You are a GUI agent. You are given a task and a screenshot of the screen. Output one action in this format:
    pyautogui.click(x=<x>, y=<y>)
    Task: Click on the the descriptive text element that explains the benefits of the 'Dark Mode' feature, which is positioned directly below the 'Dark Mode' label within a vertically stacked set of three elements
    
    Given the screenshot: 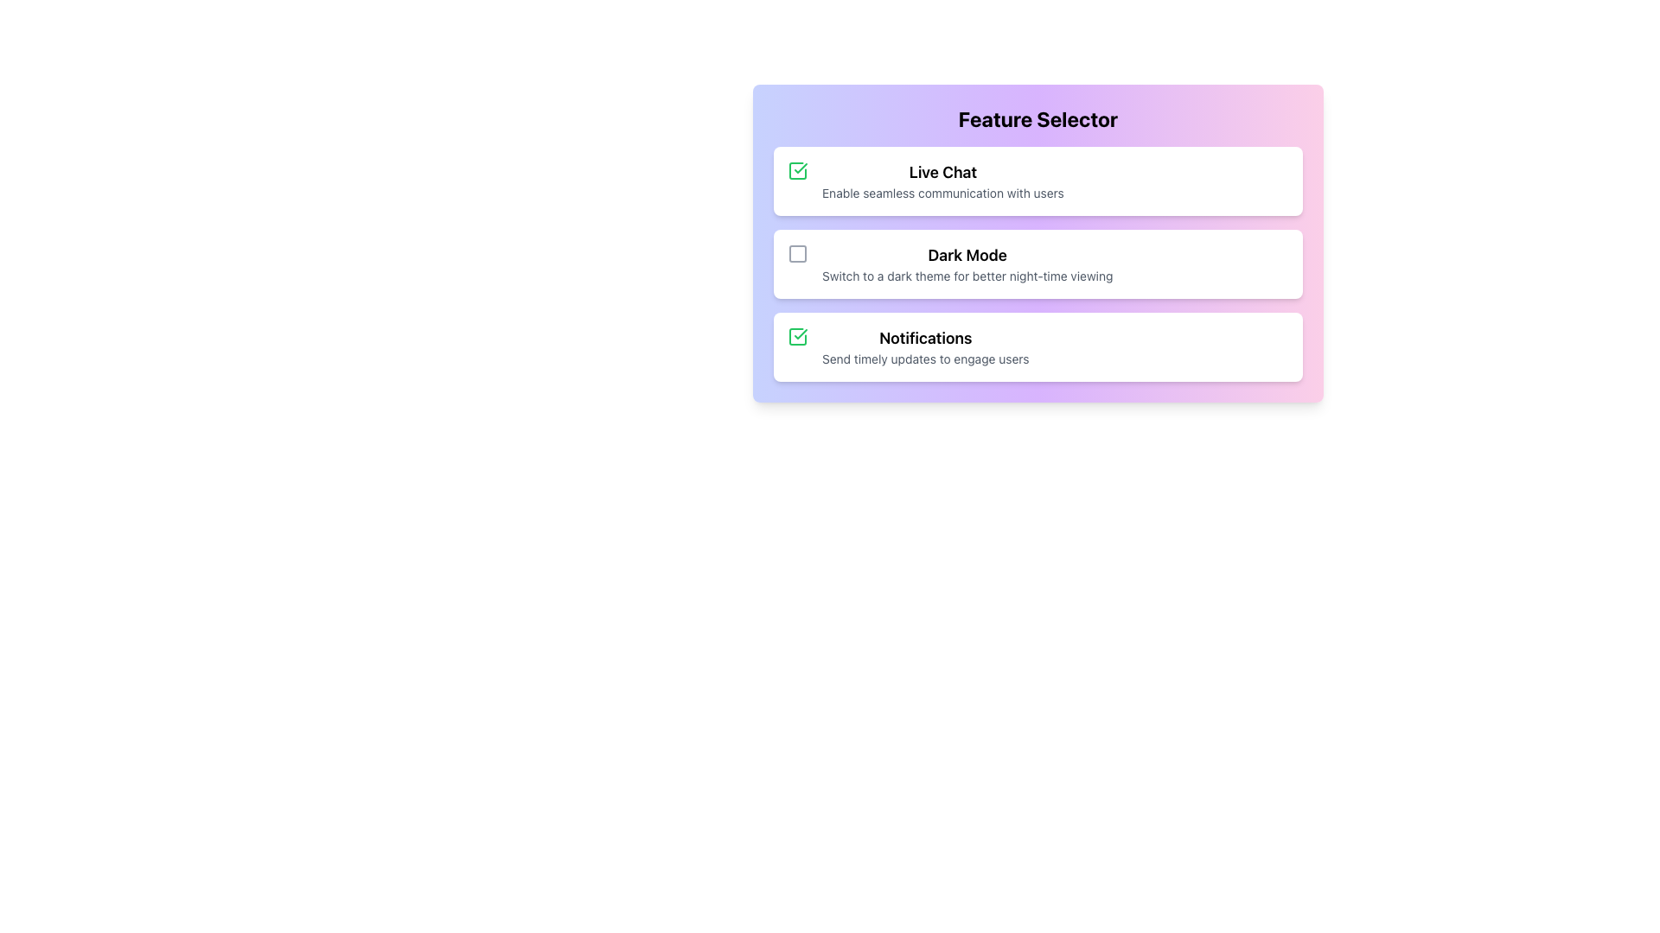 What is the action you would take?
    pyautogui.click(x=967, y=276)
    